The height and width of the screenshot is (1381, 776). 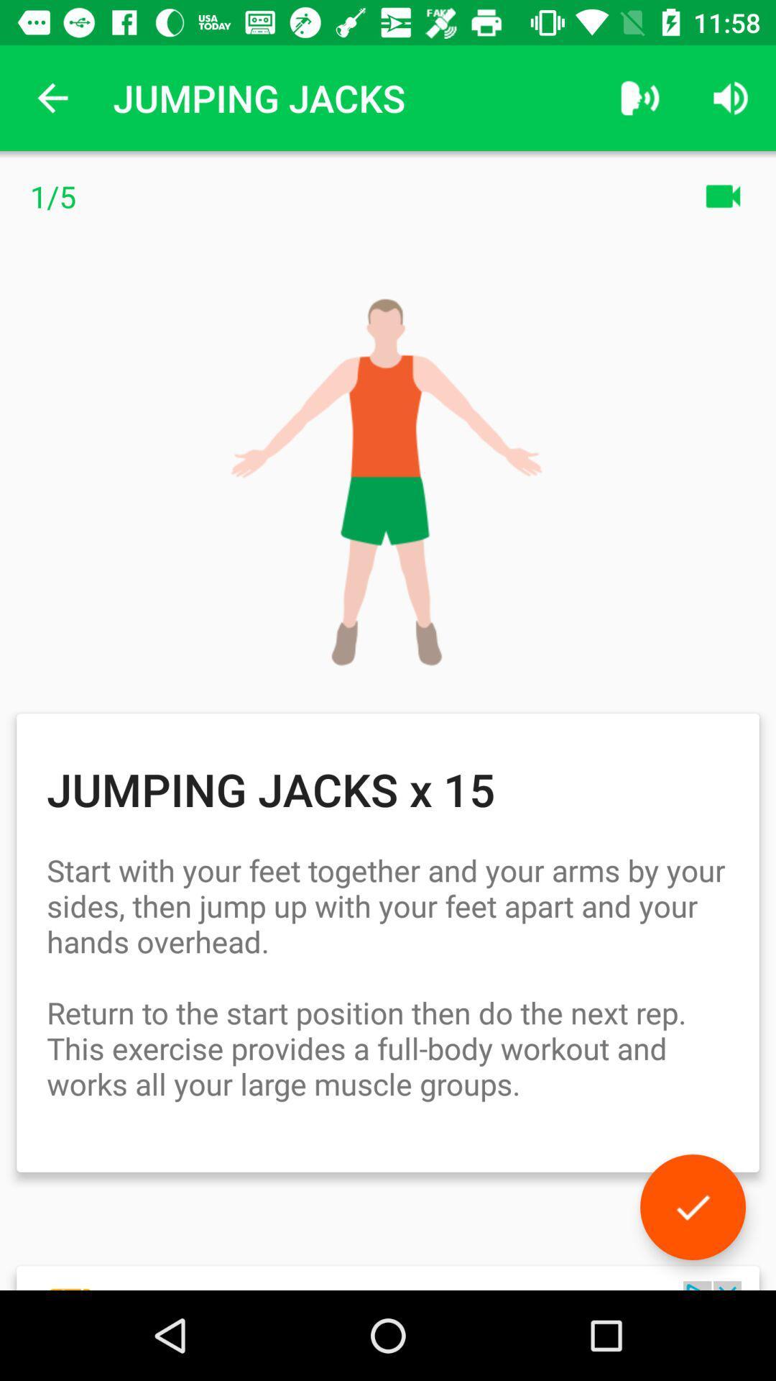 I want to click on the check icon, so click(x=692, y=1207).